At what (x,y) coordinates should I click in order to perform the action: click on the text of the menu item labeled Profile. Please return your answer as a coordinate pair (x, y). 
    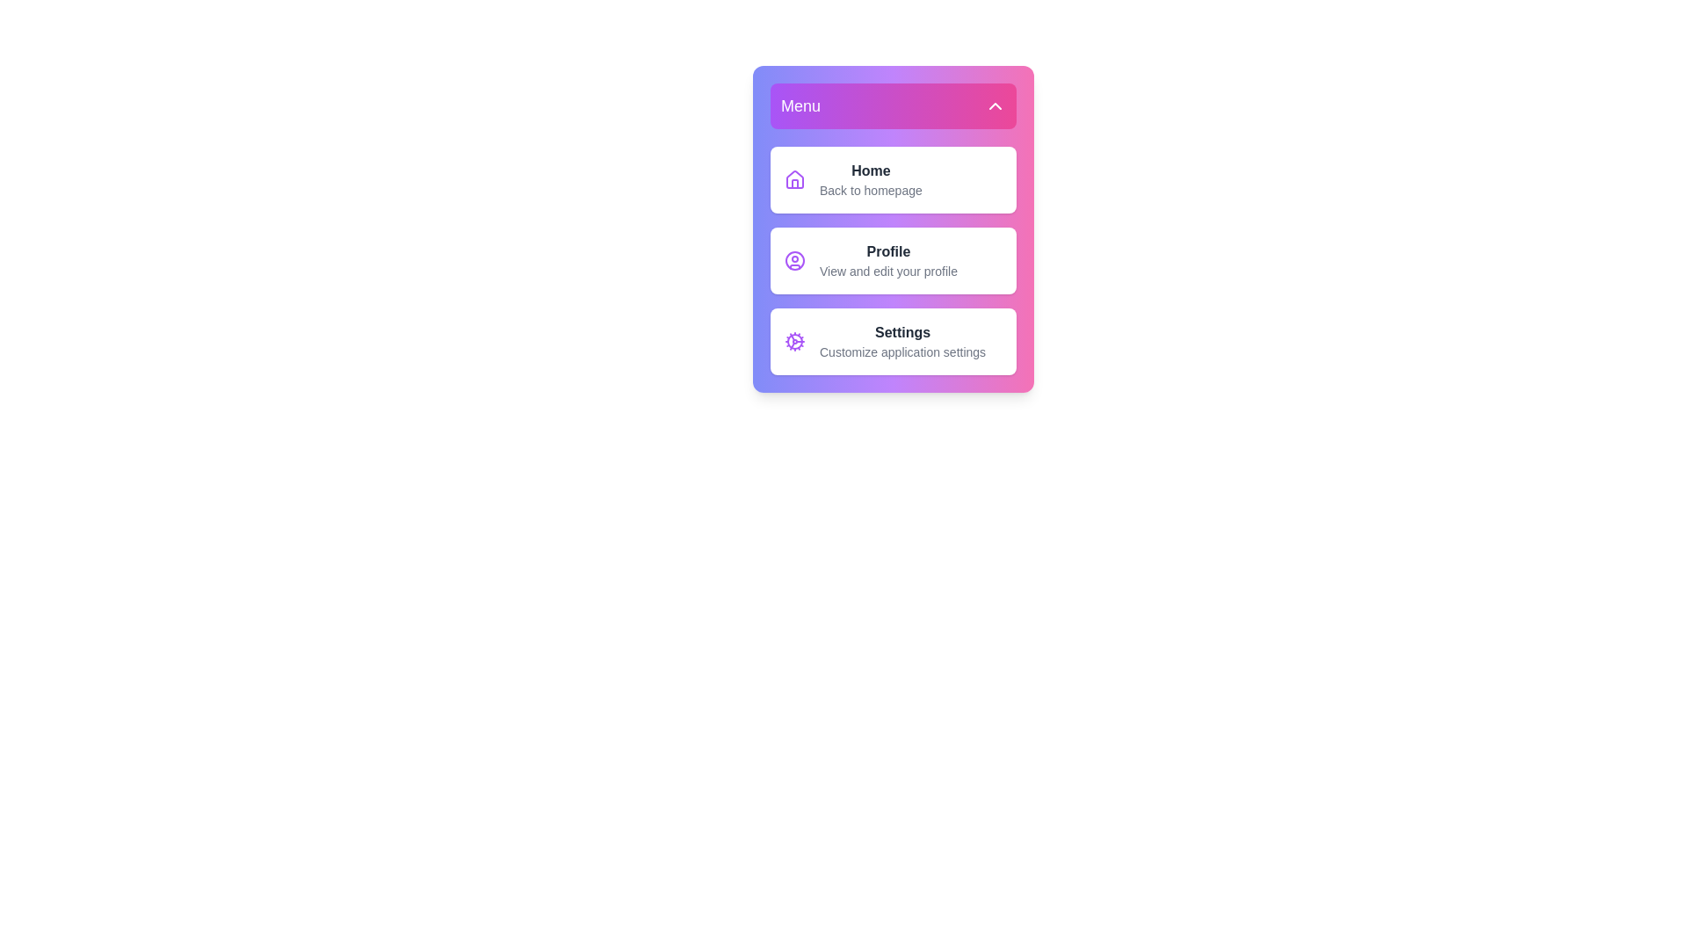
    Looking at the image, I should click on (894, 261).